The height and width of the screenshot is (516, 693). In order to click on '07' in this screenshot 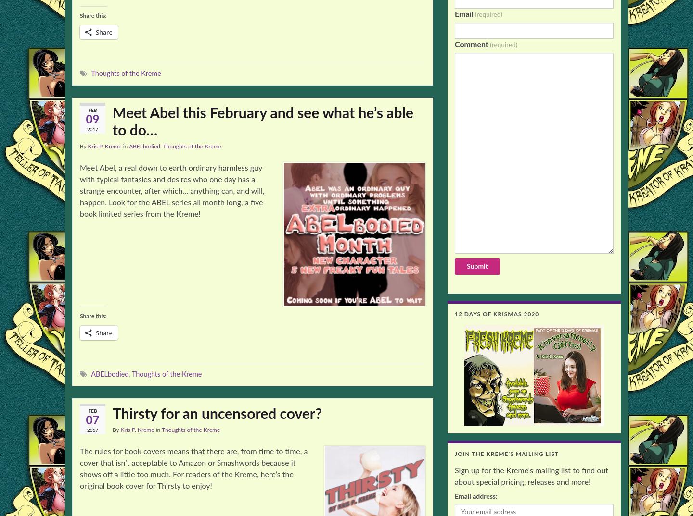, I will do `click(85, 419)`.